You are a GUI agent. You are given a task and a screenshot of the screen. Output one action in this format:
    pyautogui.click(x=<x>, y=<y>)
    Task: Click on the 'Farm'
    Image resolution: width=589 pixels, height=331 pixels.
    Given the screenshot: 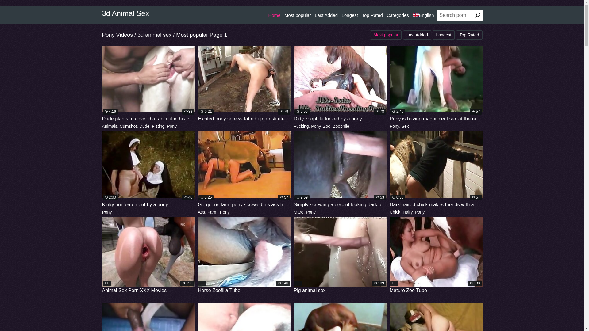 What is the action you would take?
    pyautogui.click(x=212, y=211)
    